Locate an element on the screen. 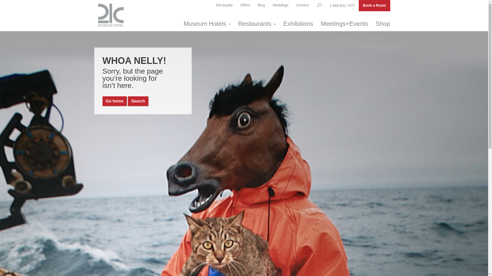  'Careers' is located at coordinates (302, 5).